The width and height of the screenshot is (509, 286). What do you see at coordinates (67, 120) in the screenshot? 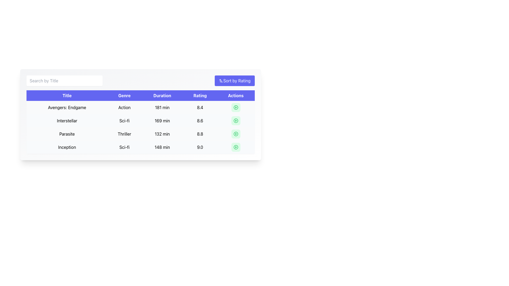
I see `the text label displaying the movie title in the second row of the table` at bounding box center [67, 120].